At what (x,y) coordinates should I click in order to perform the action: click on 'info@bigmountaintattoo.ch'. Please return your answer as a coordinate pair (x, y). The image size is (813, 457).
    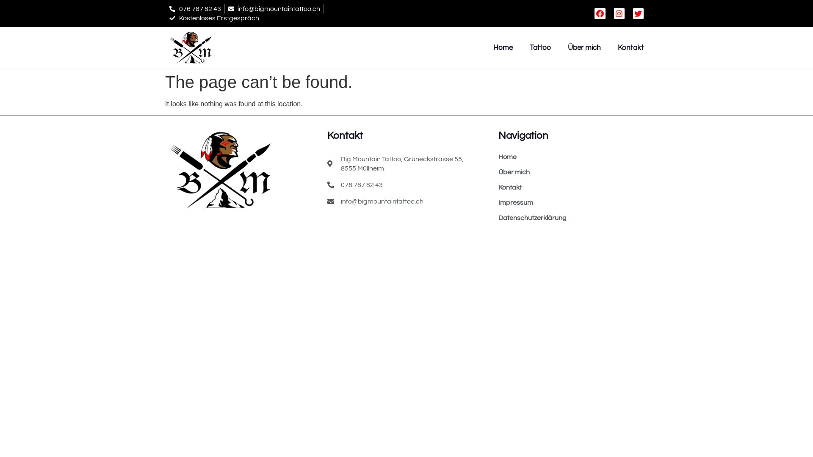
    Looking at the image, I should click on (274, 8).